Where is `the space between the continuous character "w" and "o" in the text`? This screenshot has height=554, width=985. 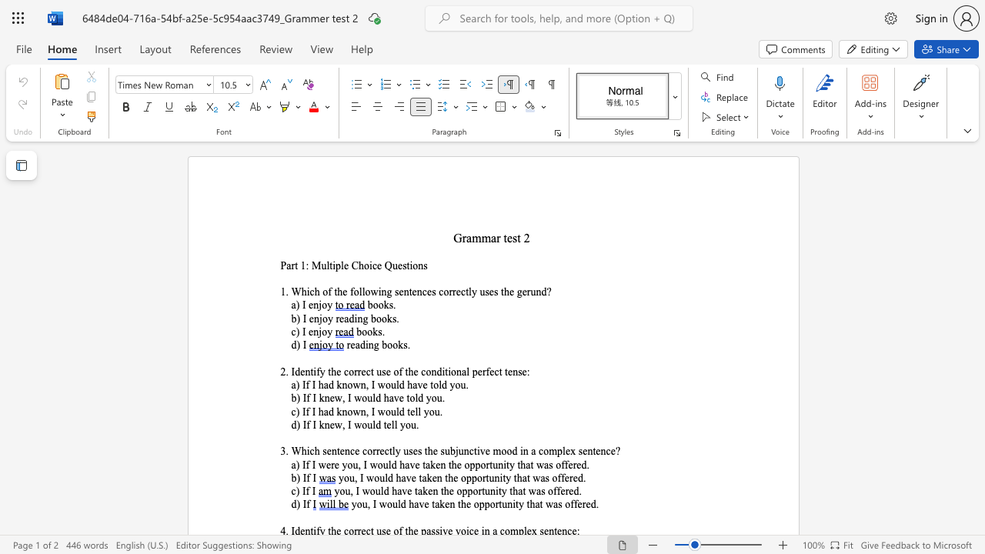 the space between the continuous character "w" and "o" in the text is located at coordinates (385, 411).